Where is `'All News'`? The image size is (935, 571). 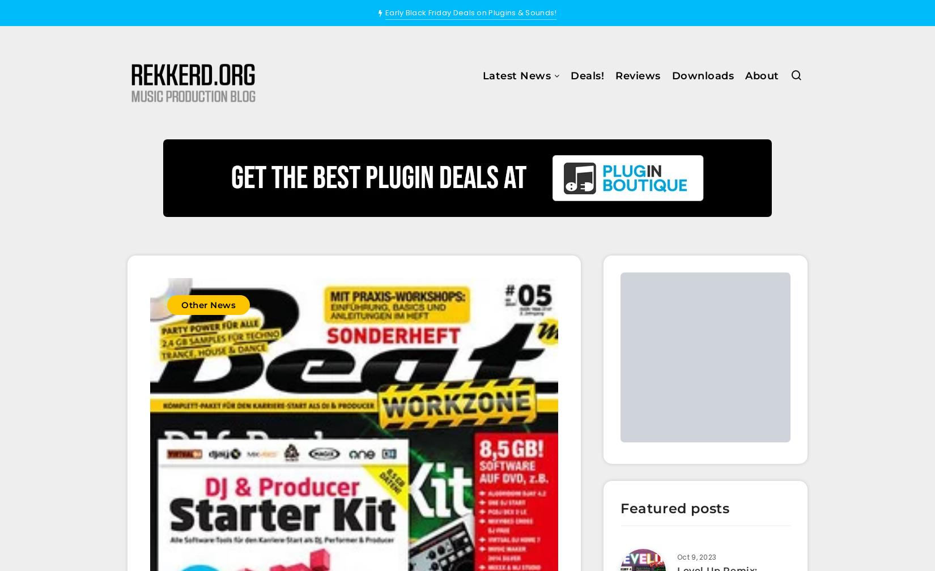 'All News' is located at coordinates (449, 109).